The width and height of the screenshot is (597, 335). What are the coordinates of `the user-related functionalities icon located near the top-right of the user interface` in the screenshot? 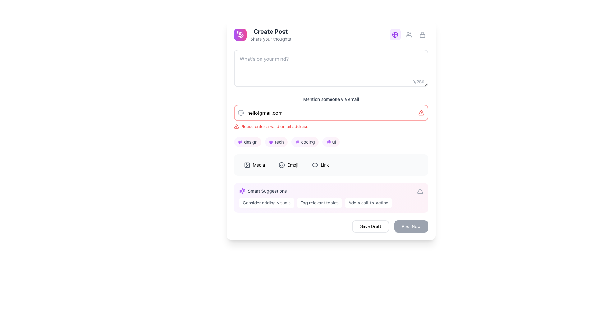 It's located at (409, 34).